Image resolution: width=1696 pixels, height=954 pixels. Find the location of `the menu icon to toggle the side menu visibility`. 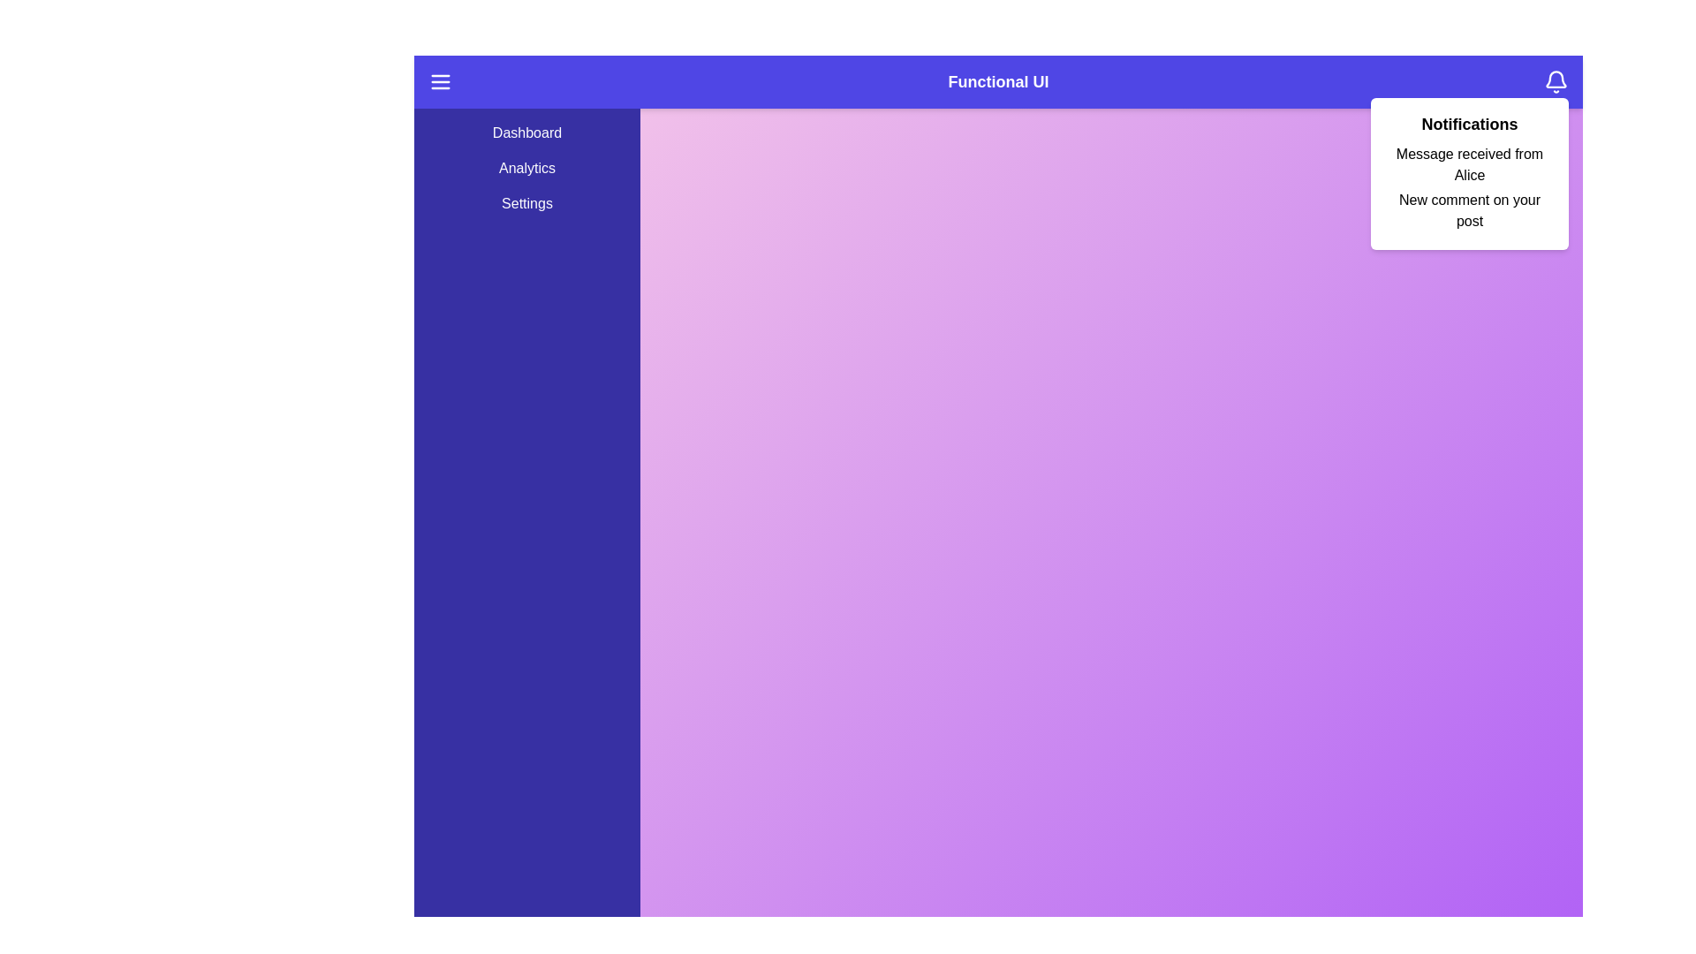

the menu icon to toggle the side menu visibility is located at coordinates (441, 81).